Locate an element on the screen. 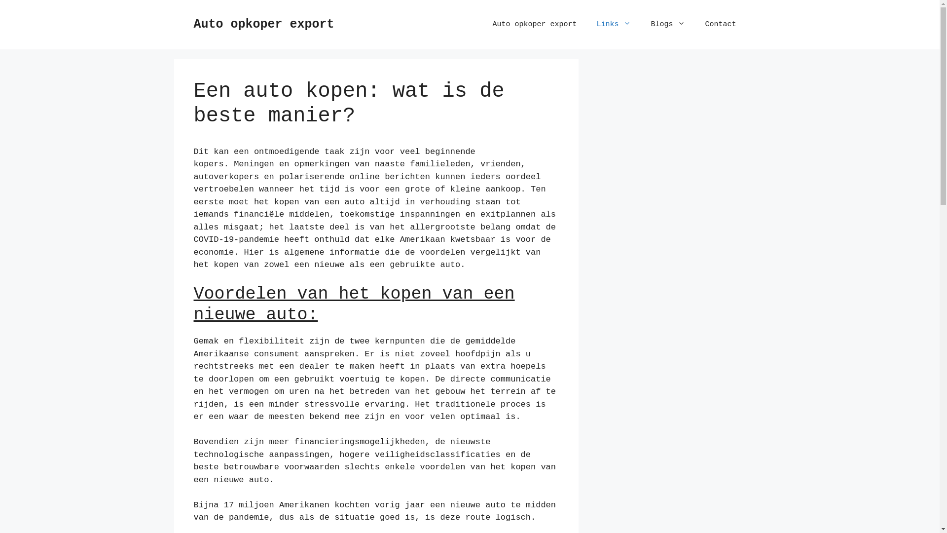 This screenshot has height=533, width=947. 'Links' is located at coordinates (613, 24).